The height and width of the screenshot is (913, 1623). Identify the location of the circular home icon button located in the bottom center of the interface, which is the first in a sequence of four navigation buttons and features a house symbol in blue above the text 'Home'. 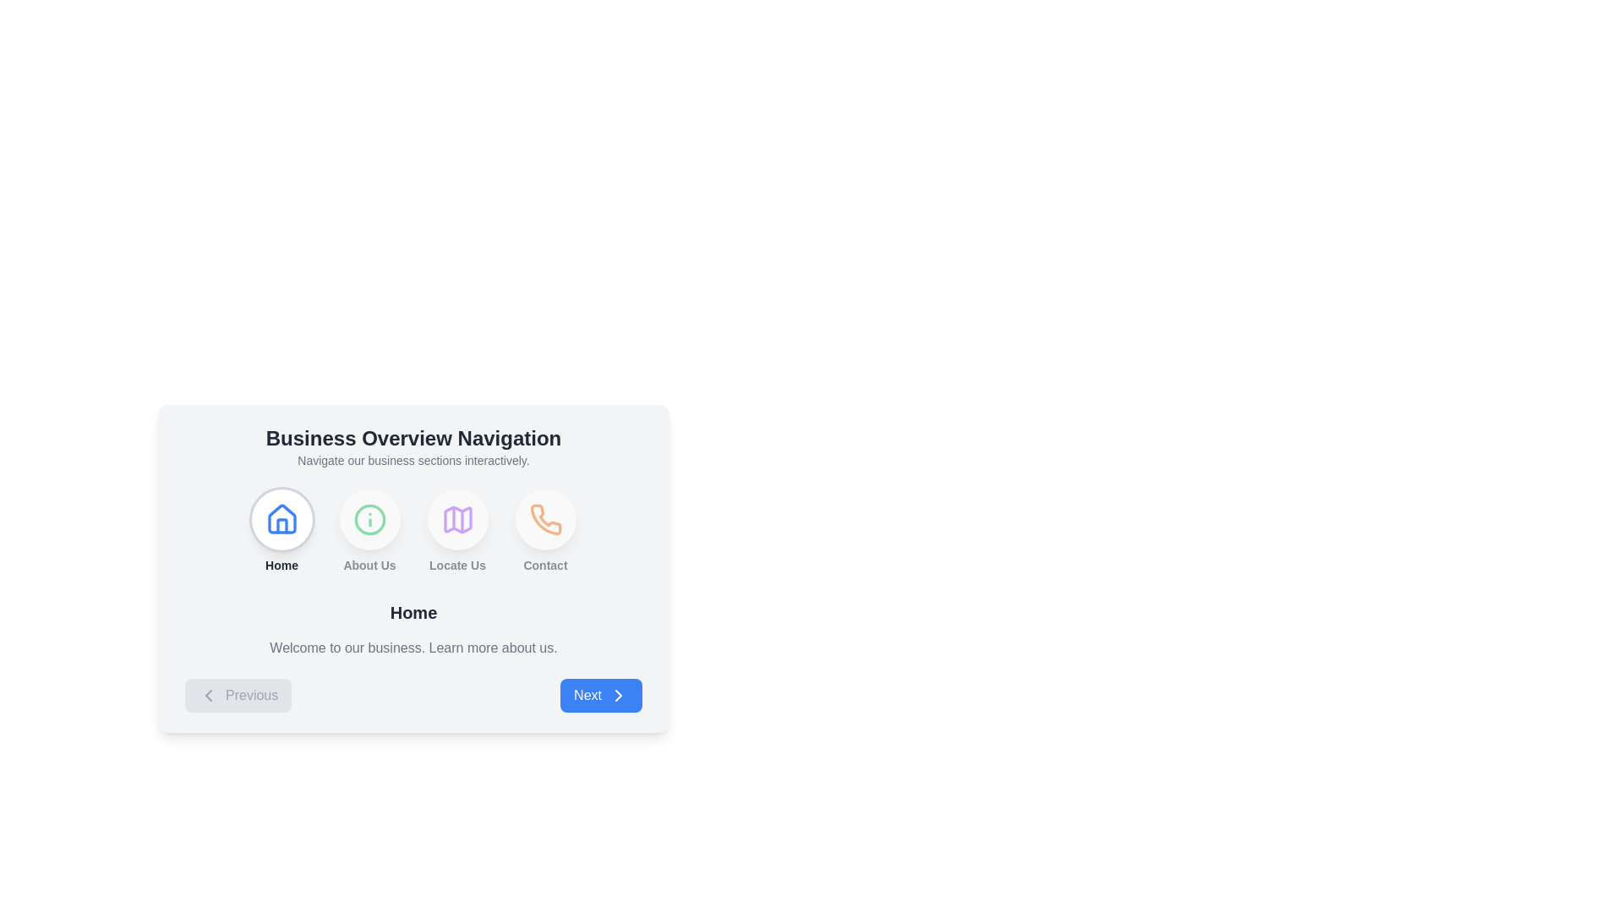
(281, 530).